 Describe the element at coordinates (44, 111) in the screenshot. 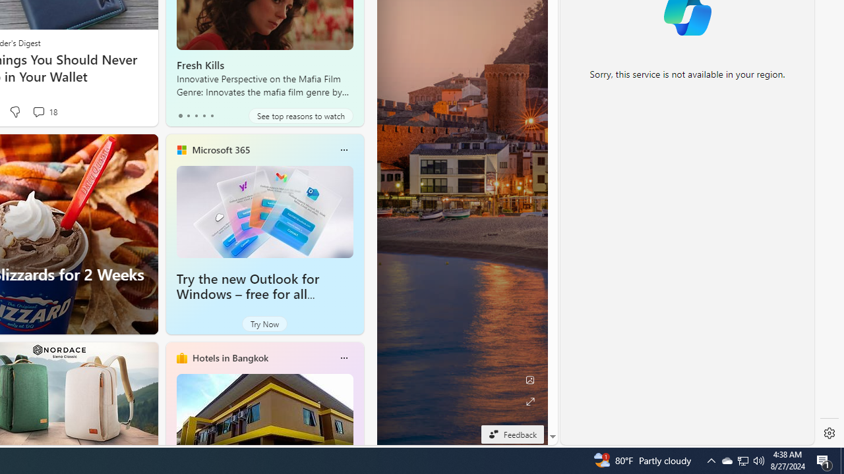

I see `'View comments 18 Comment'` at that location.